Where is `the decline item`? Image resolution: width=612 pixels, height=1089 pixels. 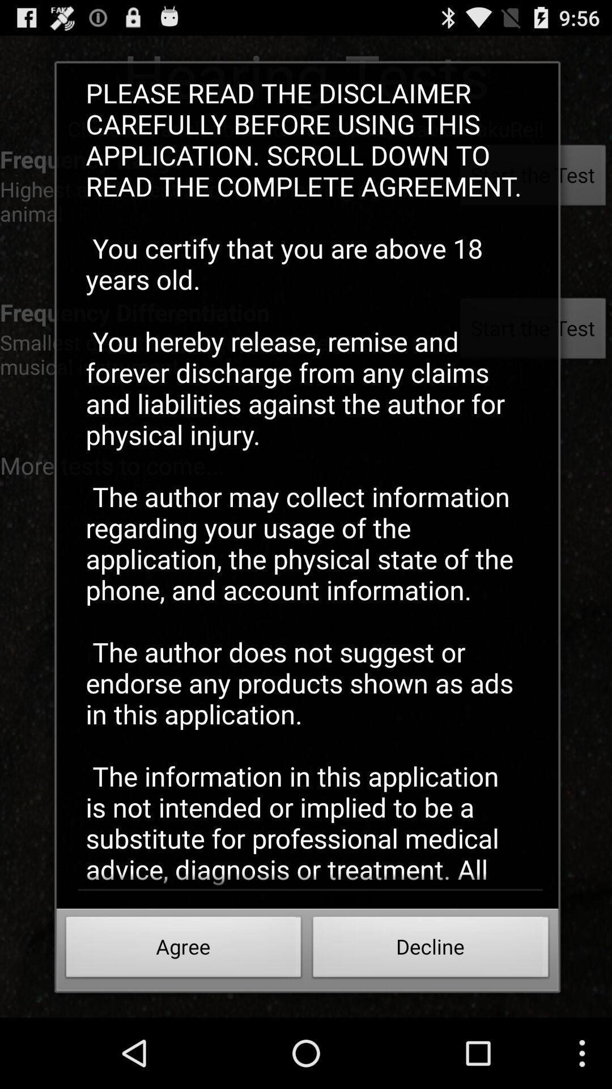
the decline item is located at coordinates (431, 950).